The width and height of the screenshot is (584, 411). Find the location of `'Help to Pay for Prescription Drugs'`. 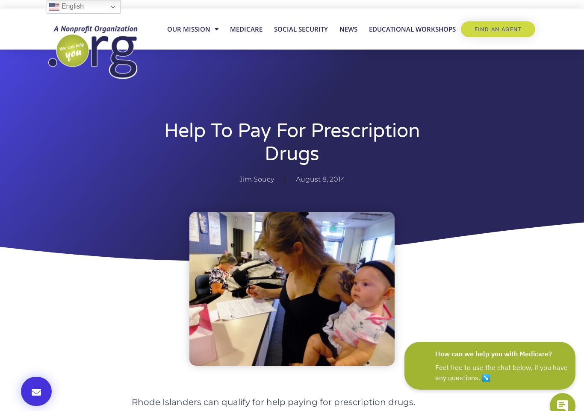

'Help to Pay for Prescription Drugs' is located at coordinates (292, 142).